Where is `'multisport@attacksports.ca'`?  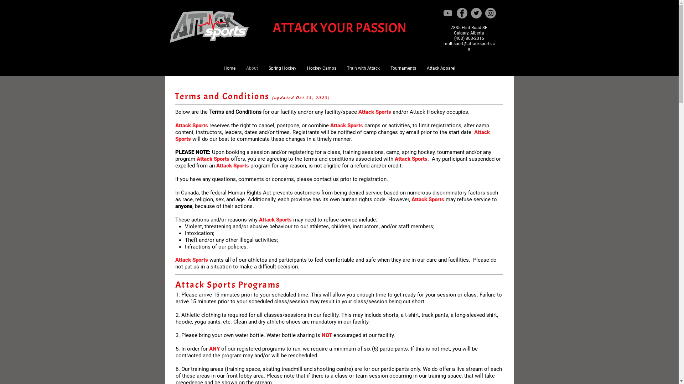 'multisport@attacksports.ca' is located at coordinates (442, 46).